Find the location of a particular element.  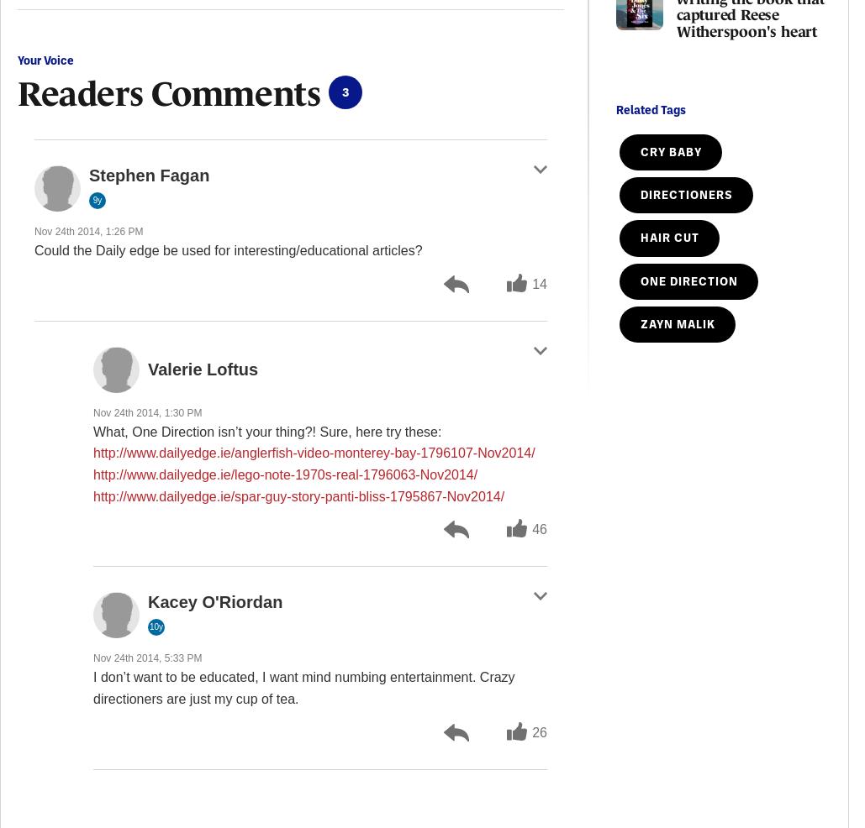

'Nov 24th 2014, 1:26 PM' is located at coordinates (87, 230).